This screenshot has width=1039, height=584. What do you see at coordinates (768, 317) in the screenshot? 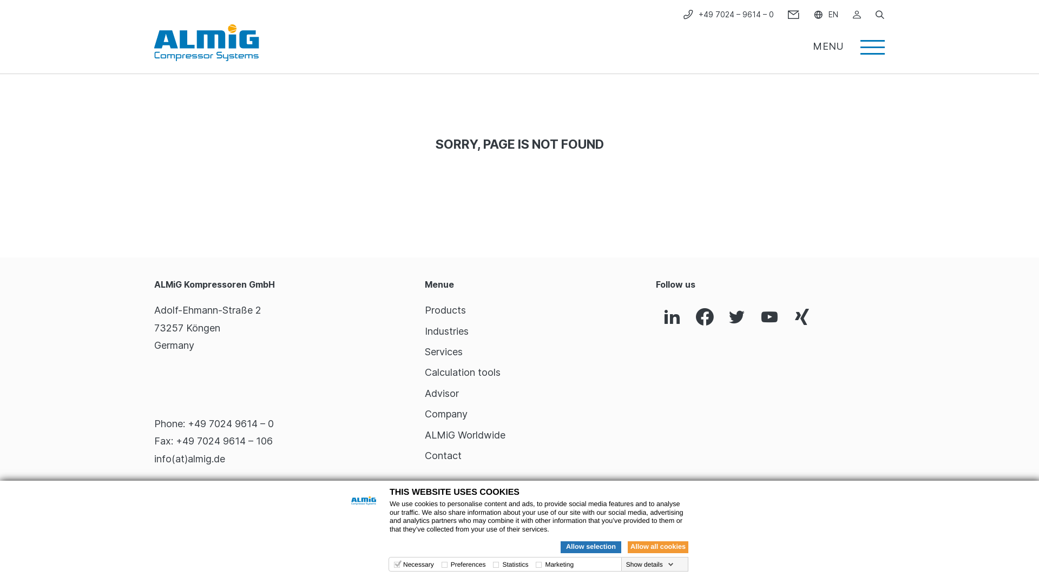
I see `'YouTube'` at bounding box center [768, 317].